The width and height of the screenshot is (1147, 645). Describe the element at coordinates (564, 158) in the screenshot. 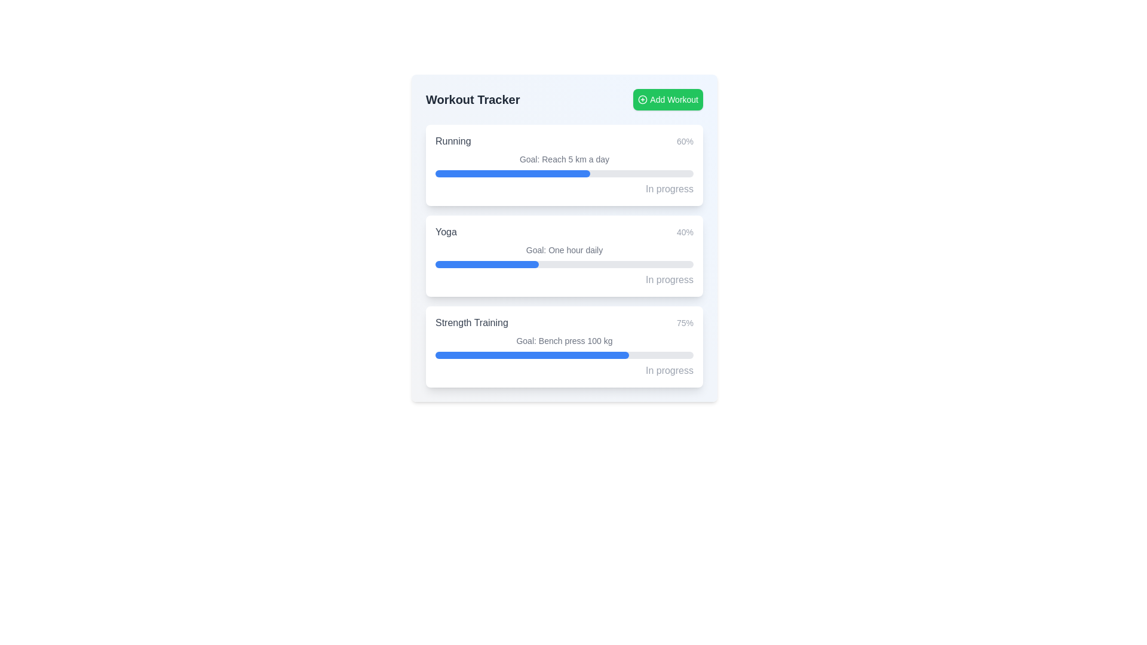

I see `the text label that informs the user about the goal to reach 5 km a day, positioned below the 'Running' label and above the progress bar` at that location.